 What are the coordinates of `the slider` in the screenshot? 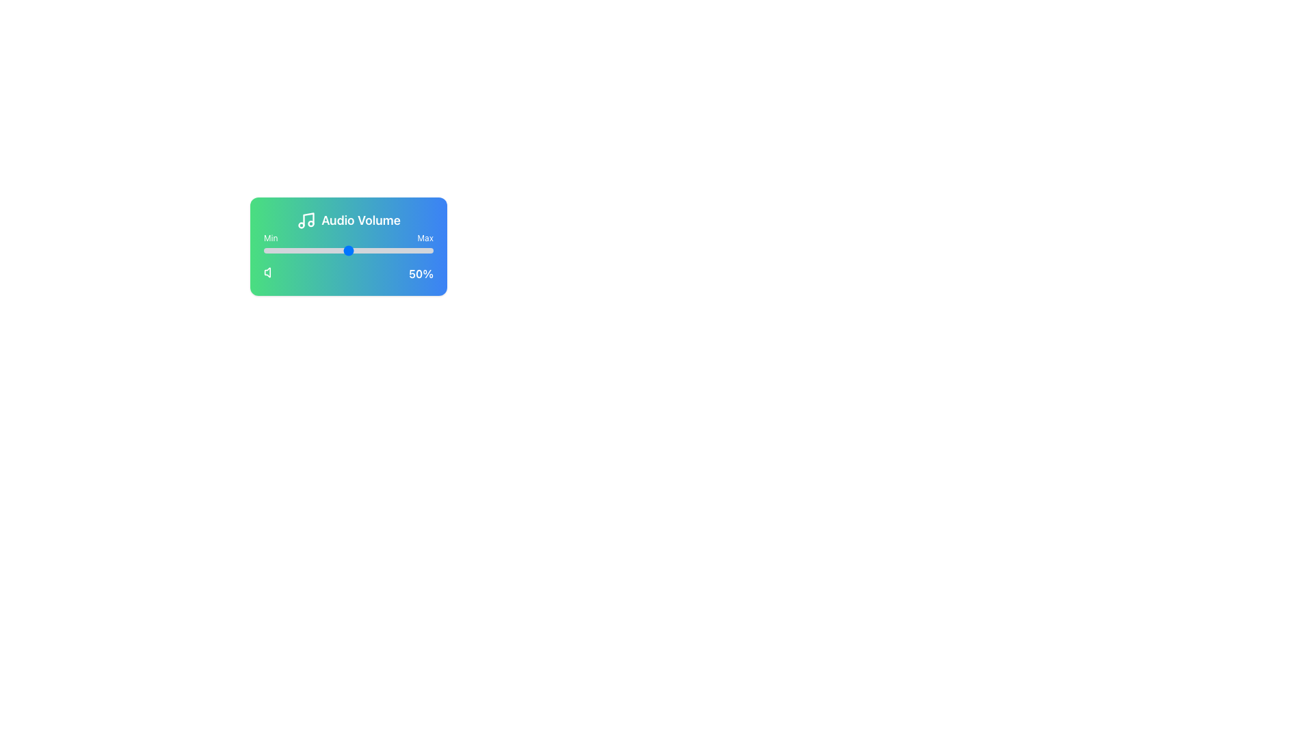 It's located at (287, 250).